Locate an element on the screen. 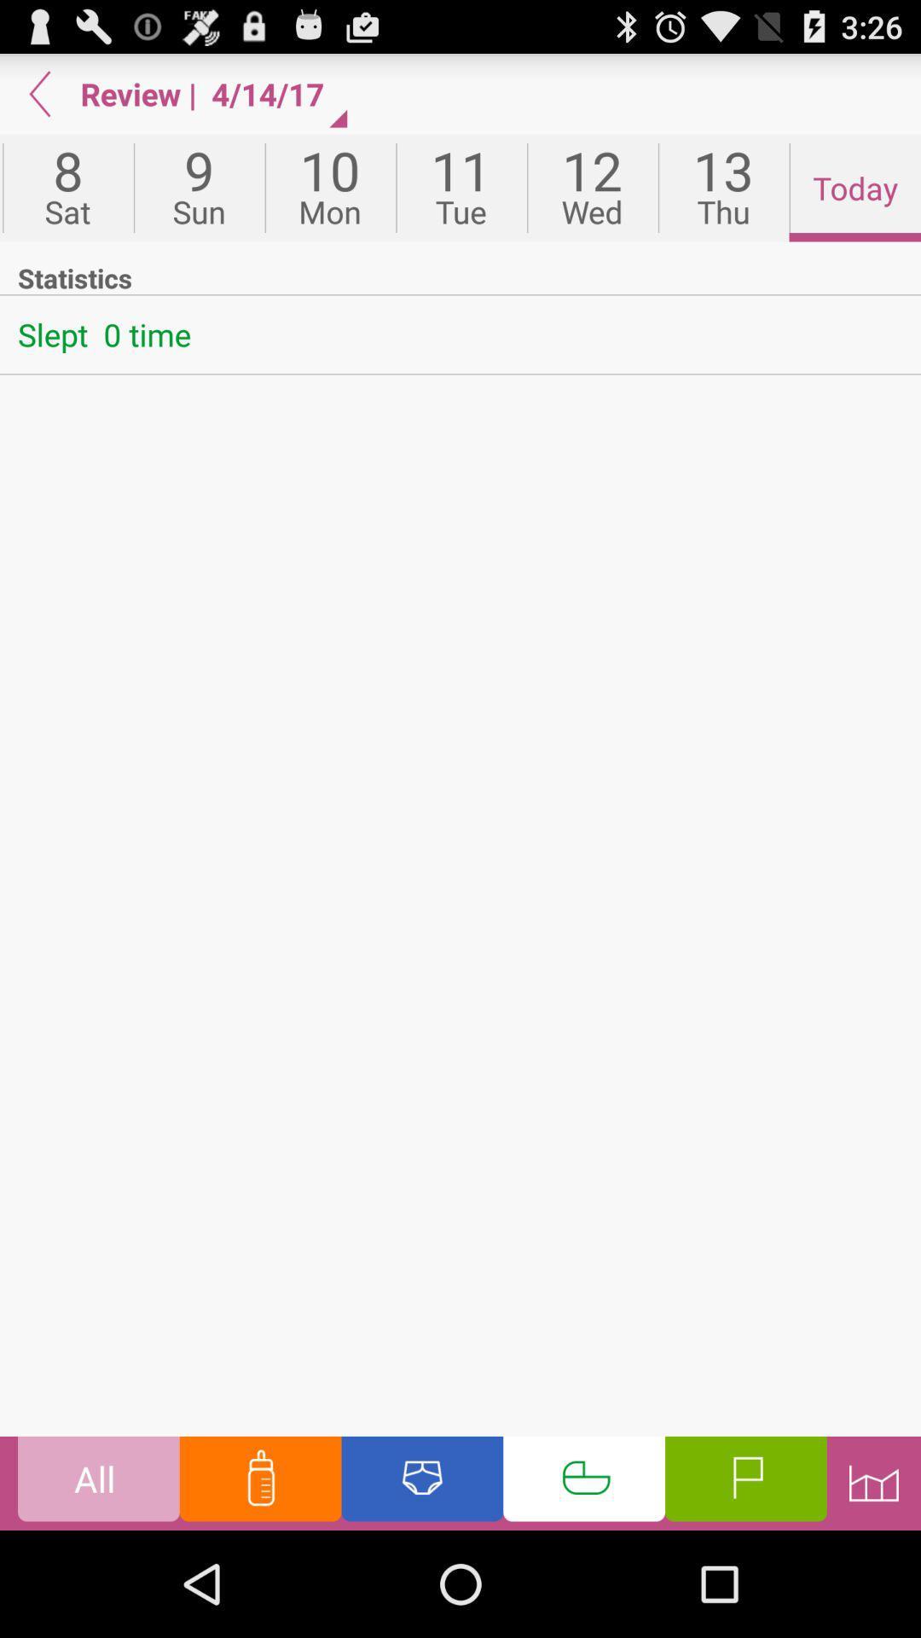 The width and height of the screenshot is (921, 1638). 4/14/17 button is located at coordinates (275, 93).